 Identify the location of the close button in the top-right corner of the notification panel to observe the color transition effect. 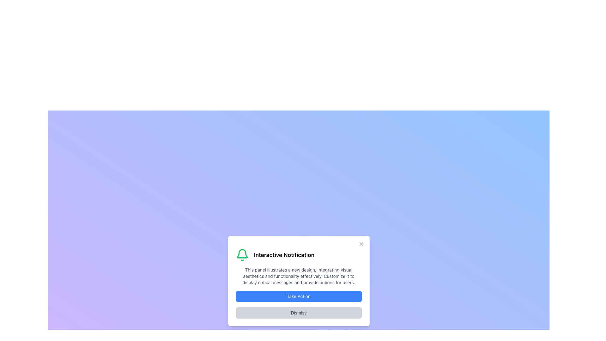
(361, 243).